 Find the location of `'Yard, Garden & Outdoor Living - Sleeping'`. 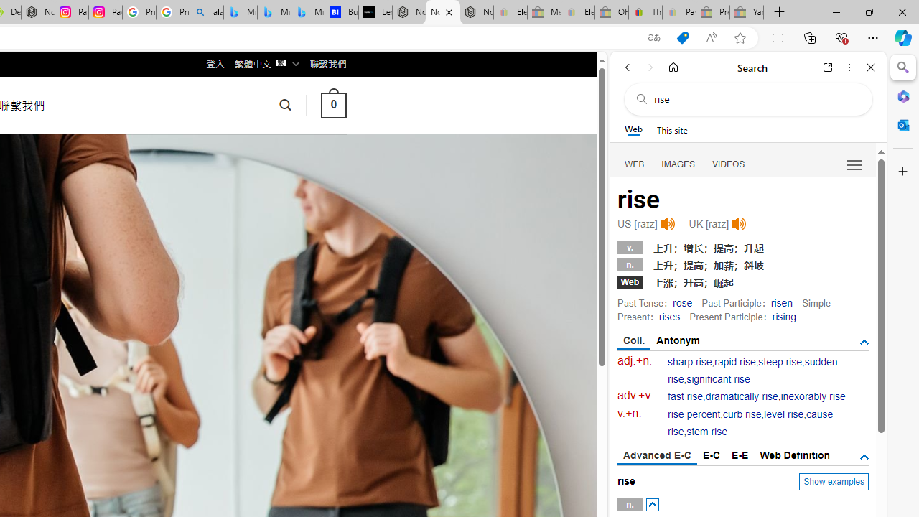

'Yard, Garden & Outdoor Living - Sleeping' is located at coordinates (747, 12).